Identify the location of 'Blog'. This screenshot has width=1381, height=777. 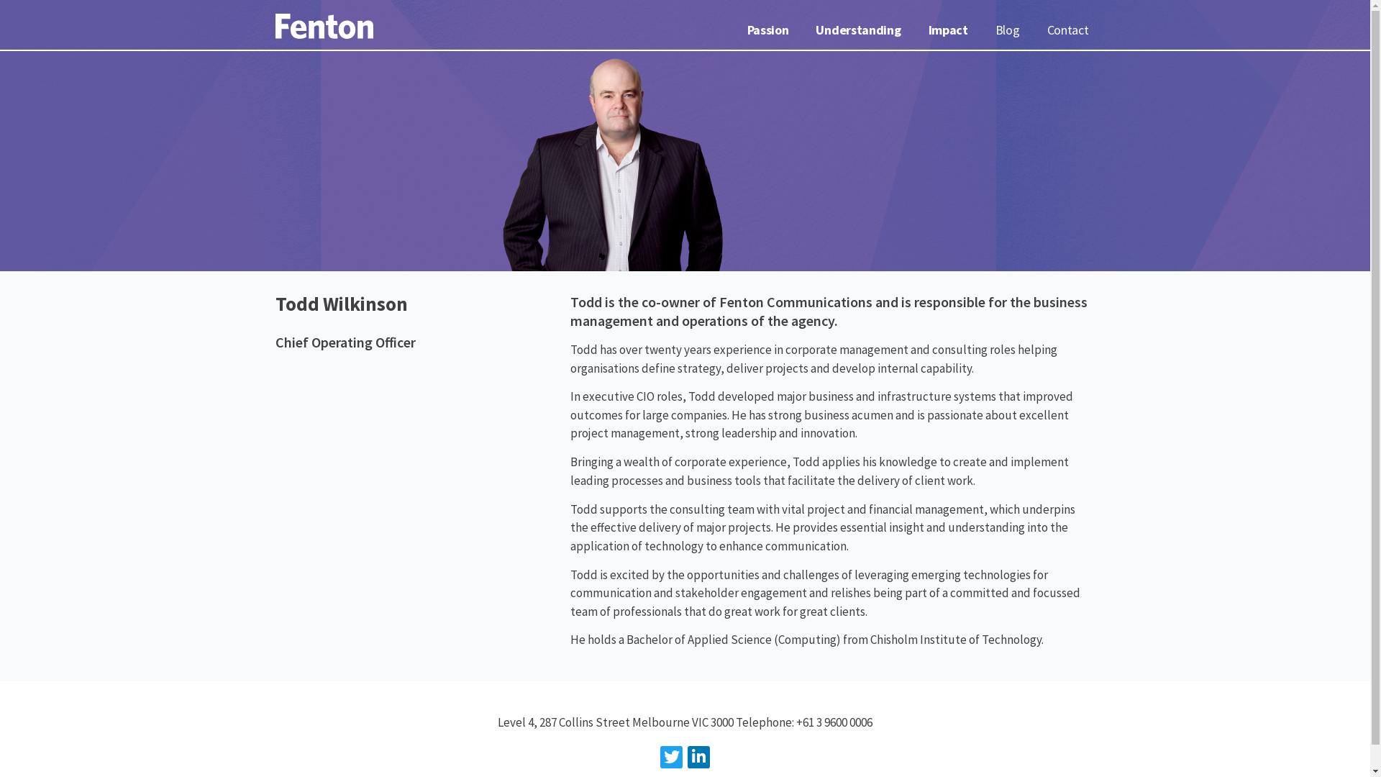
(1007, 30).